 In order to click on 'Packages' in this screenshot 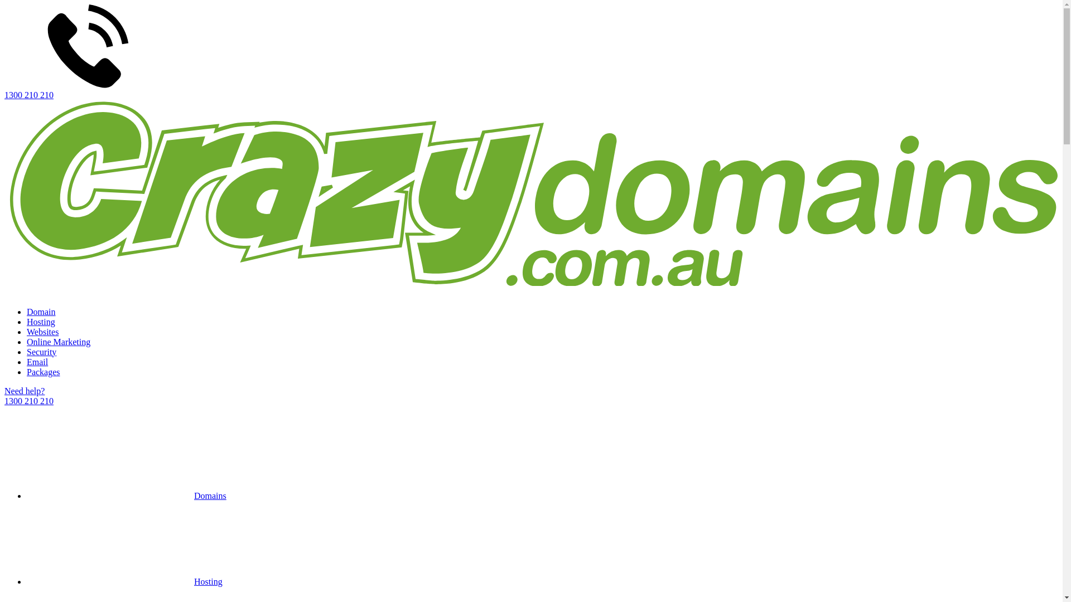, I will do `click(43, 372)`.